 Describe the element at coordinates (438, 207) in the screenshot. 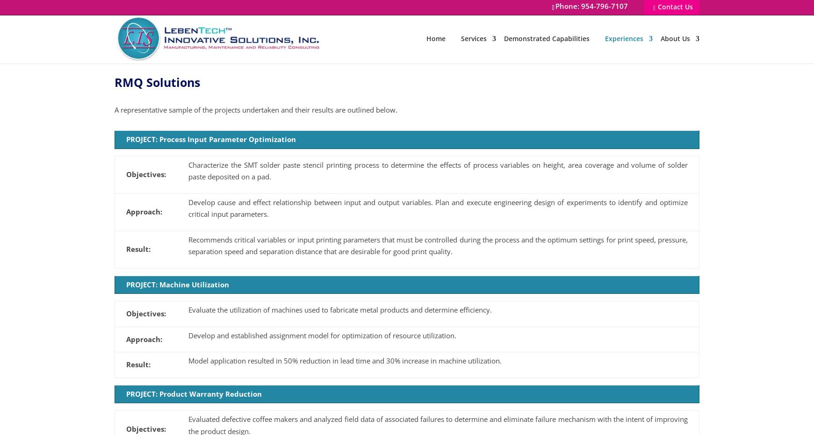

I see `'Develop cause and effect relationship between input and output variables. Plan and execute engineering design of experiments to identify and optimize critical input parameters.'` at that location.